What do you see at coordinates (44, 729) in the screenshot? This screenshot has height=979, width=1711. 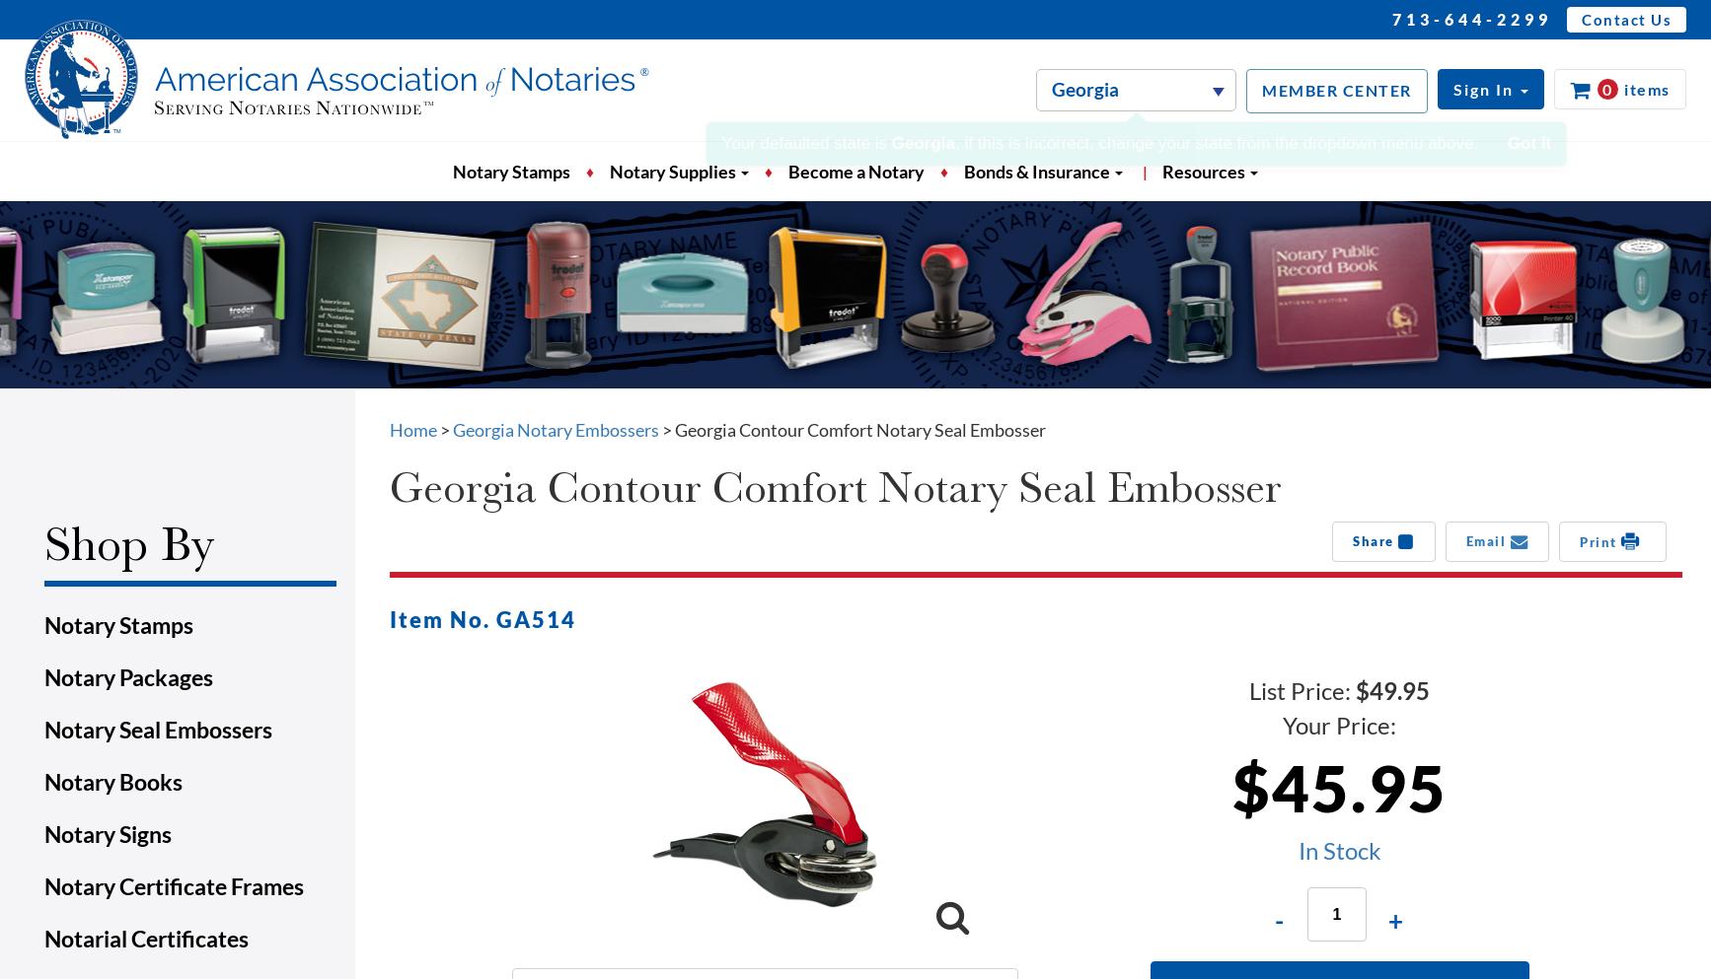 I see `'Notary Seal Embossers'` at bounding box center [44, 729].